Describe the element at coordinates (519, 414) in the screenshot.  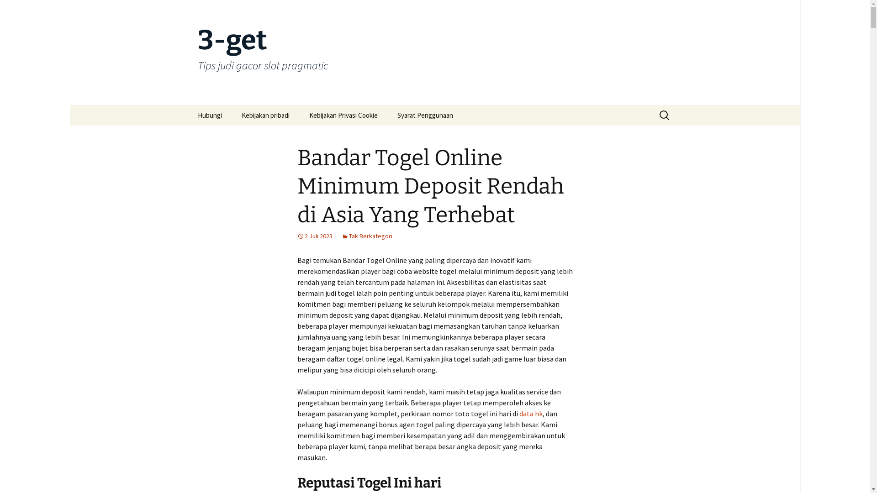
I see `'data hk'` at that location.